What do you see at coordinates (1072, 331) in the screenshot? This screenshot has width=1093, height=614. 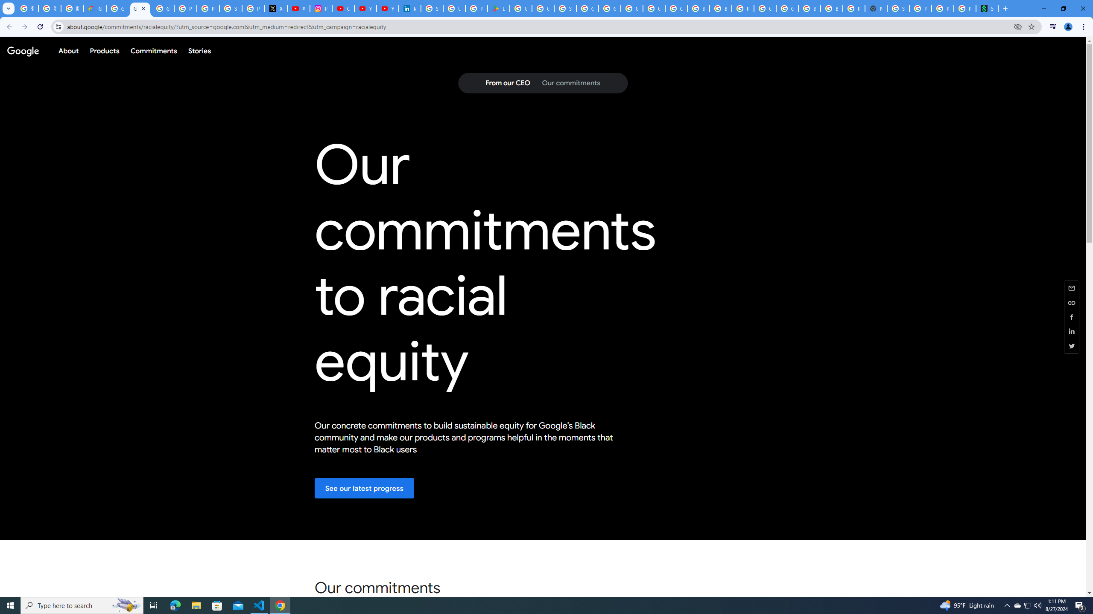 I see `'Share this page (LinkedIn)'` at bounding box center [1072, 331].